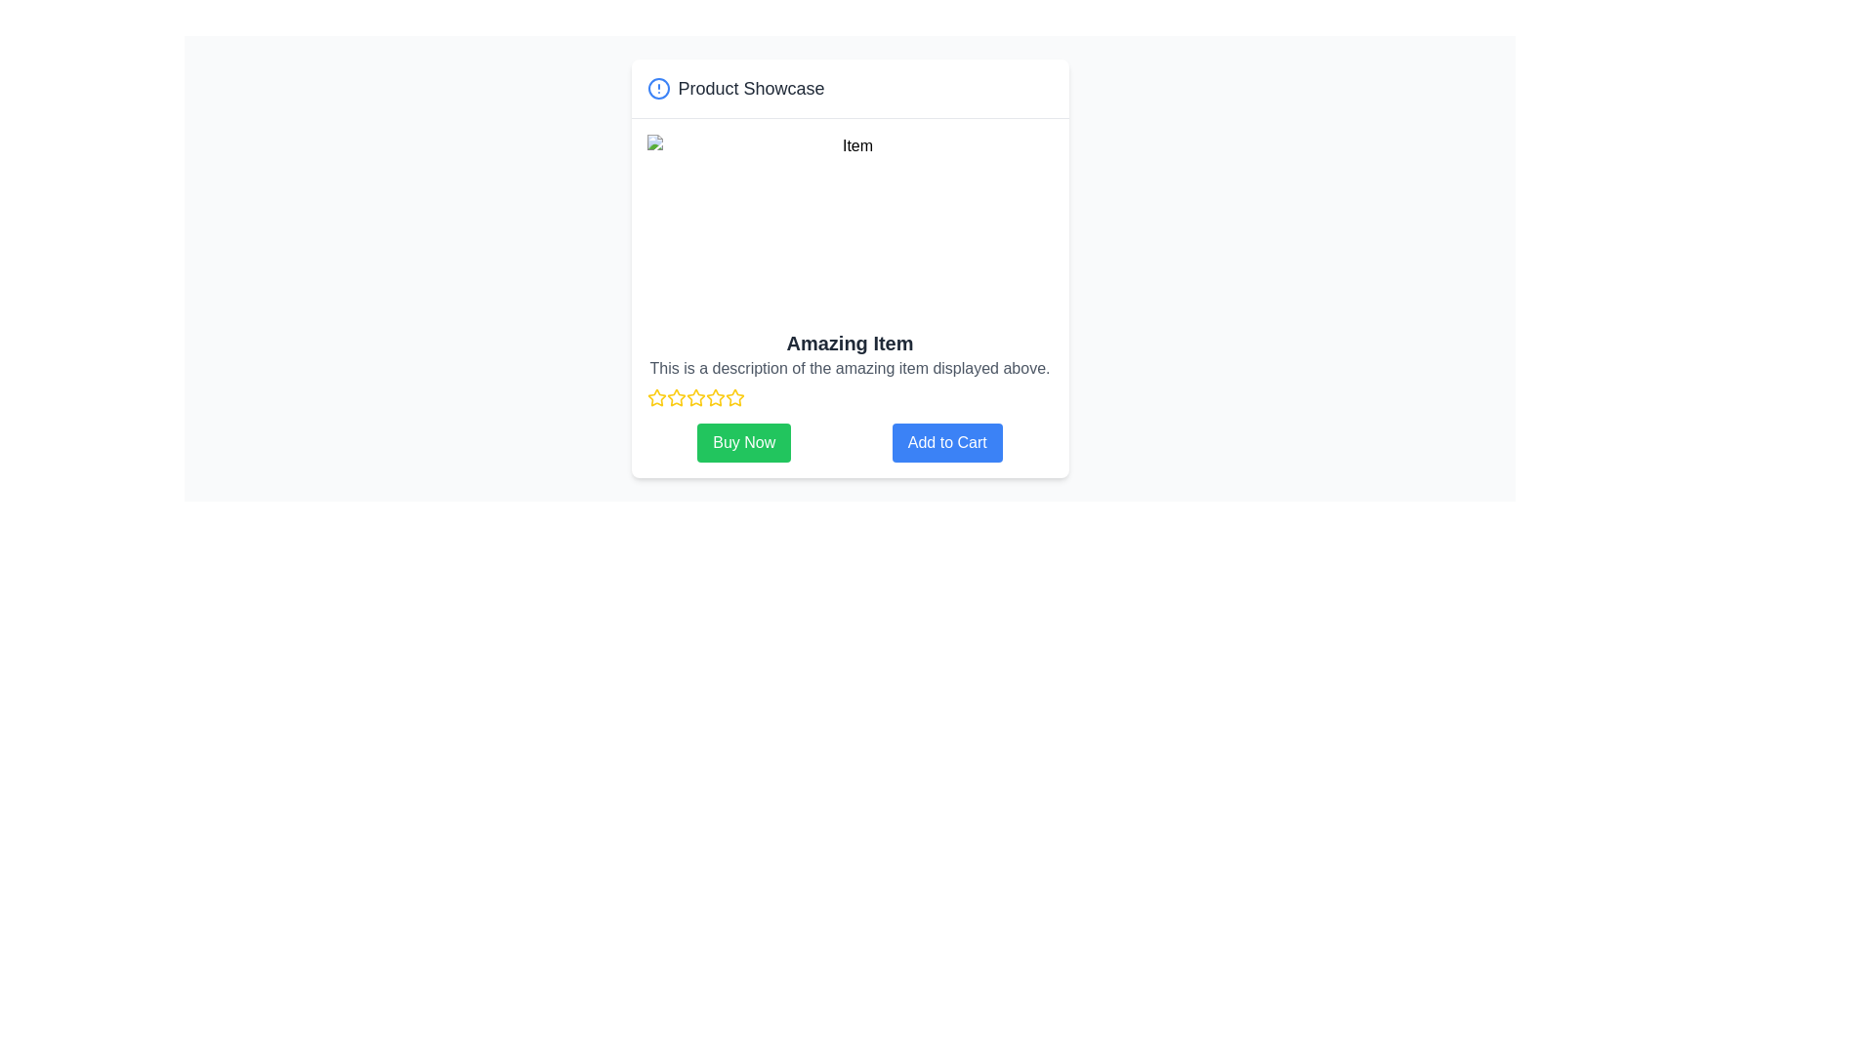 The height and width of the screenshot is (1054, 1875). I want to click on the green rectangular button labeled 'Buy Now' to initiate the purchase, so click(743, 443).